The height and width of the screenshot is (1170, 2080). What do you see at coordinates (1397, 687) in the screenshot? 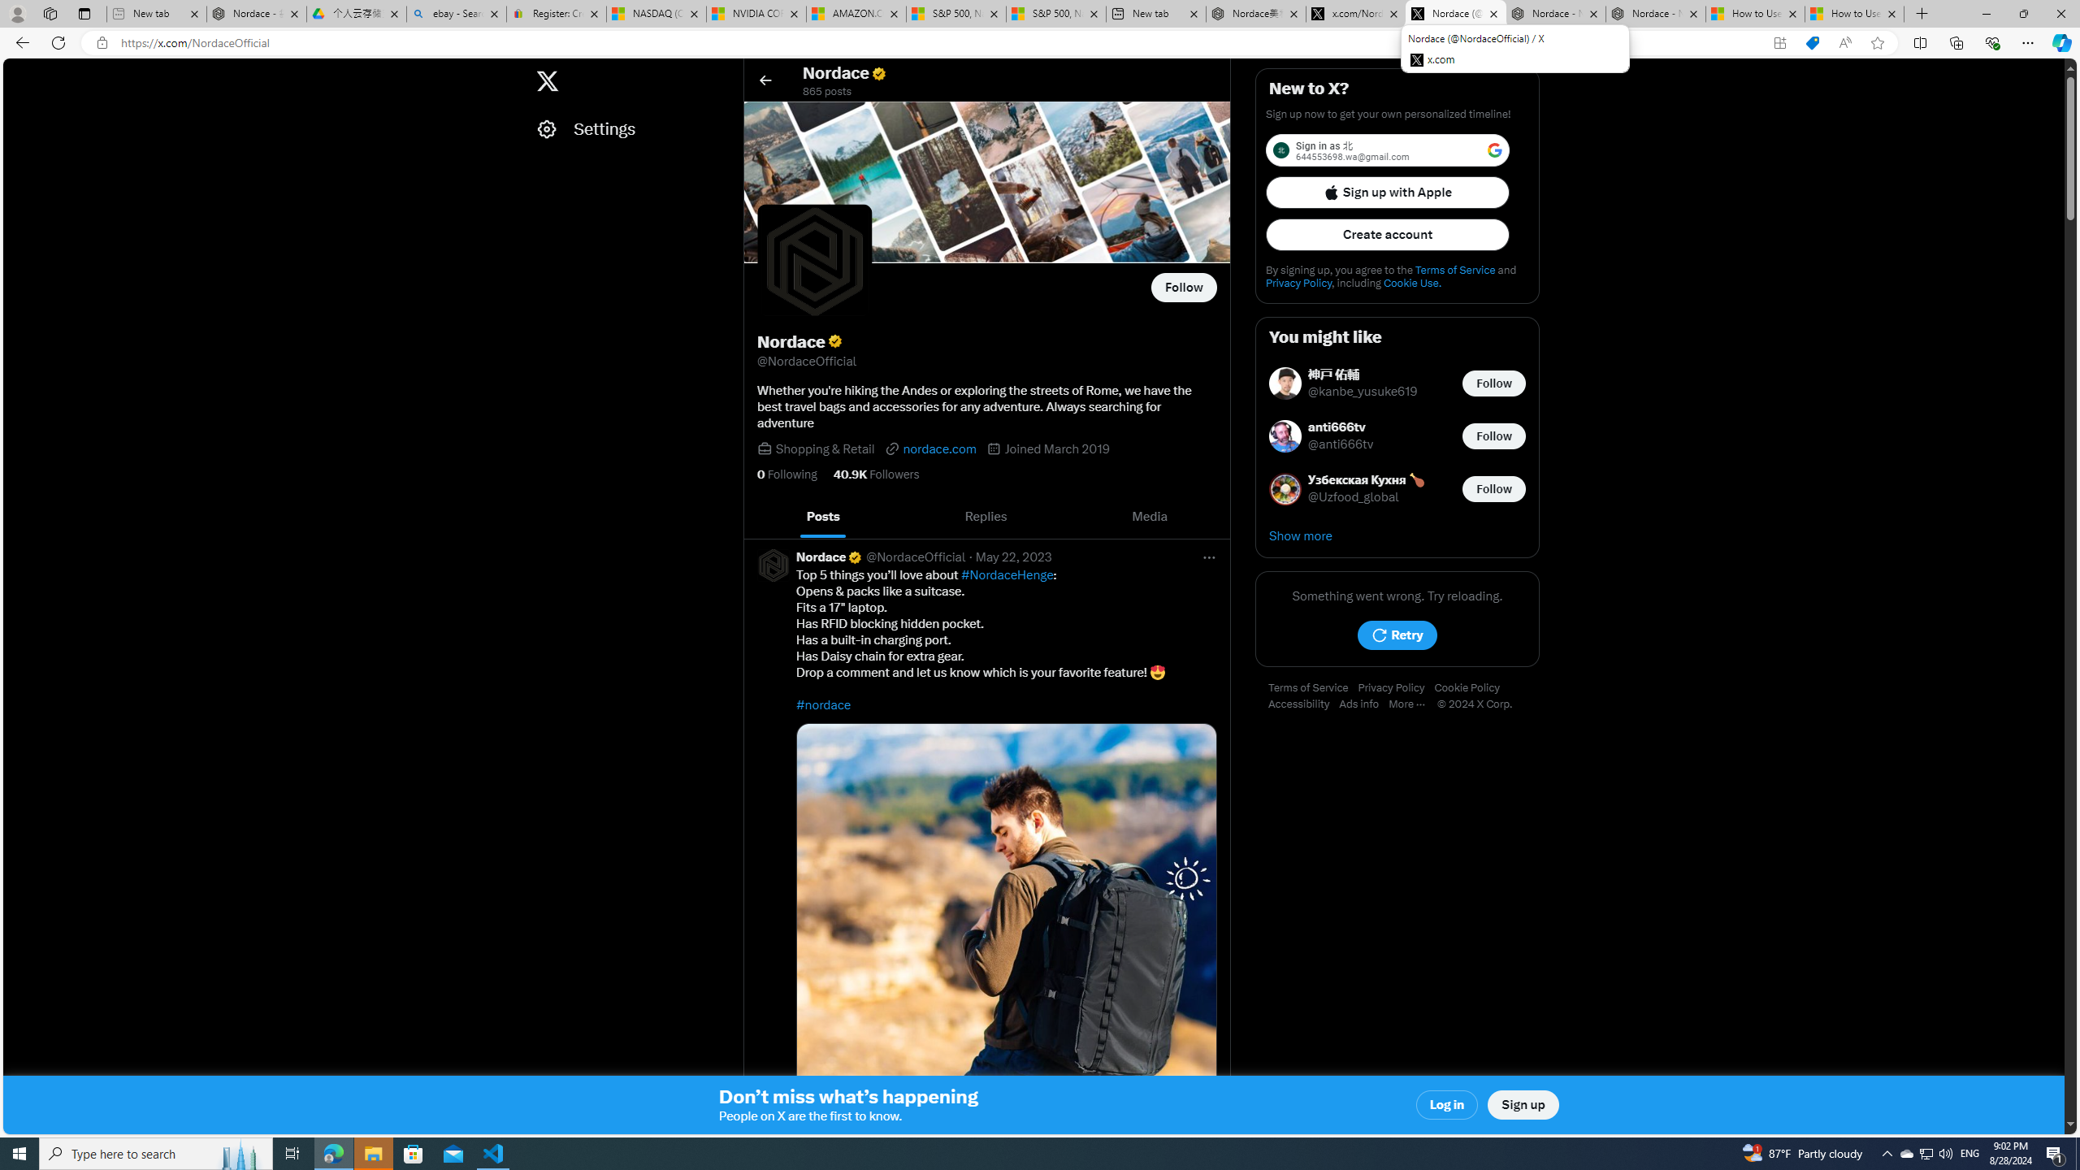
I see `'Privacy Policy'` at bounding box center [1397, 687].